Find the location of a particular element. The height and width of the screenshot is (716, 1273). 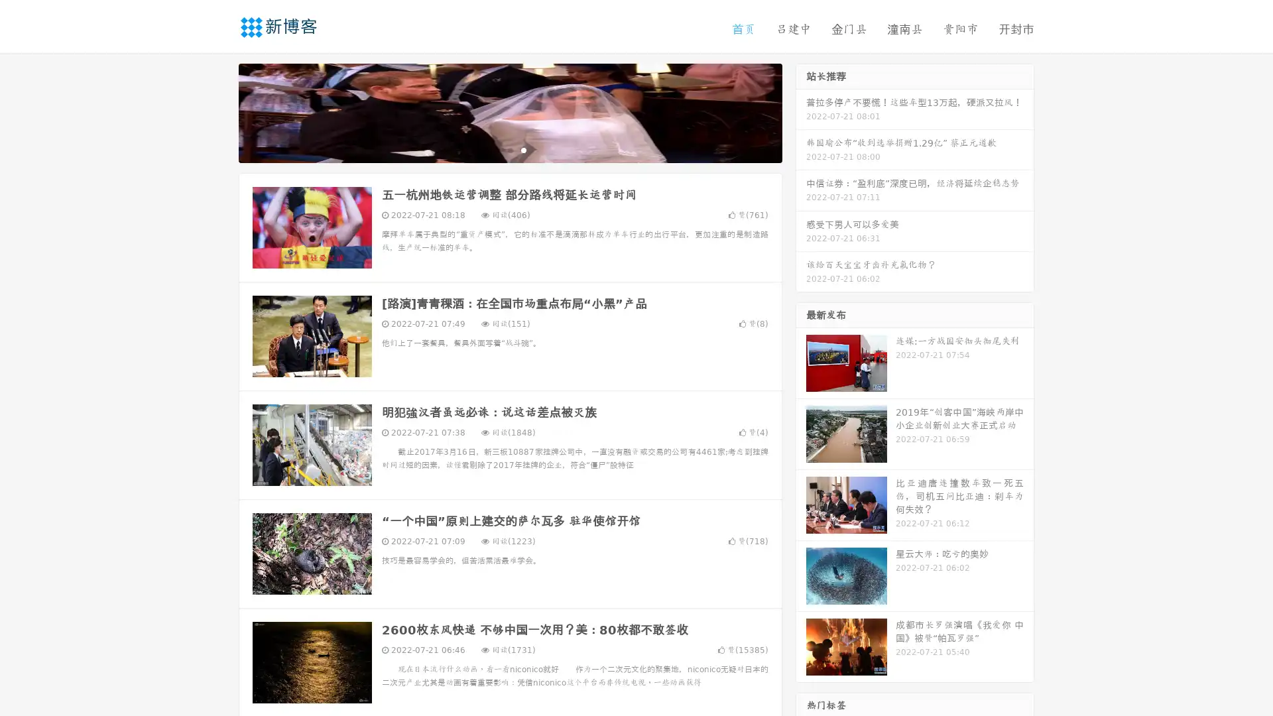

Go to slide 2 is located at coordinates (509, 149).